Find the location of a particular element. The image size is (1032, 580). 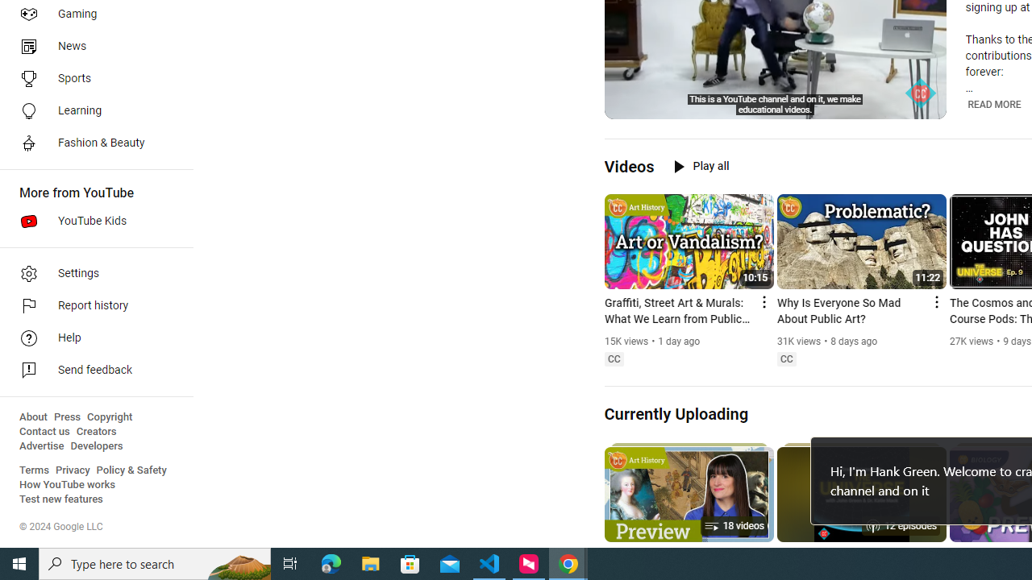

'Sports' is located at coordinates (90, 78).